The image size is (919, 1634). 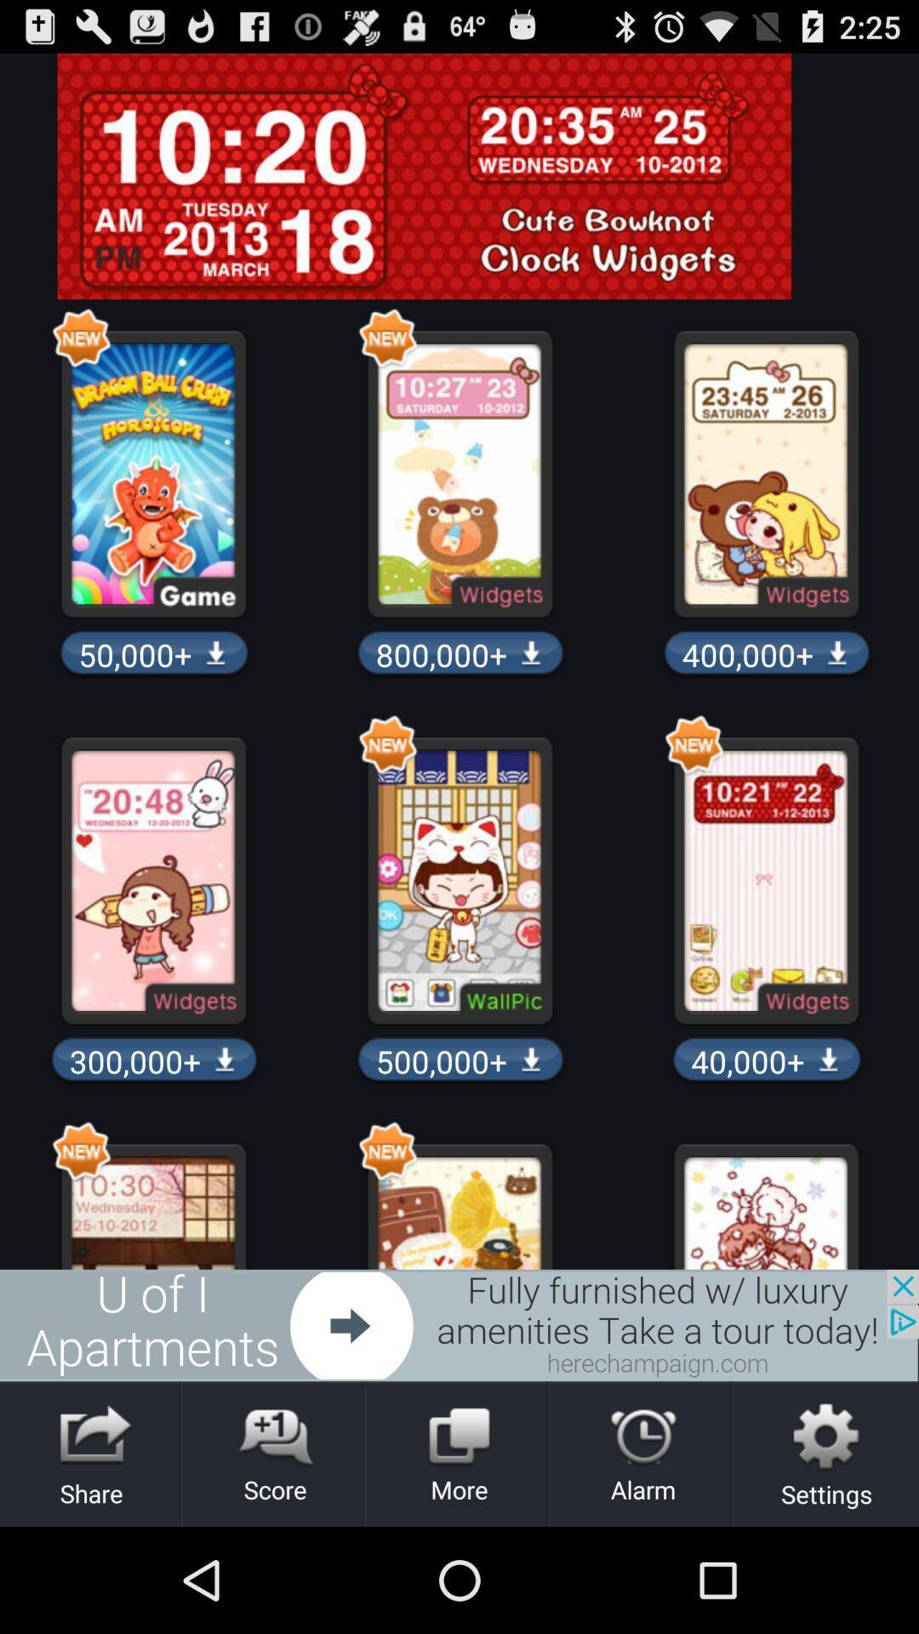 I want to click on see time, so click(x=459, y=176).